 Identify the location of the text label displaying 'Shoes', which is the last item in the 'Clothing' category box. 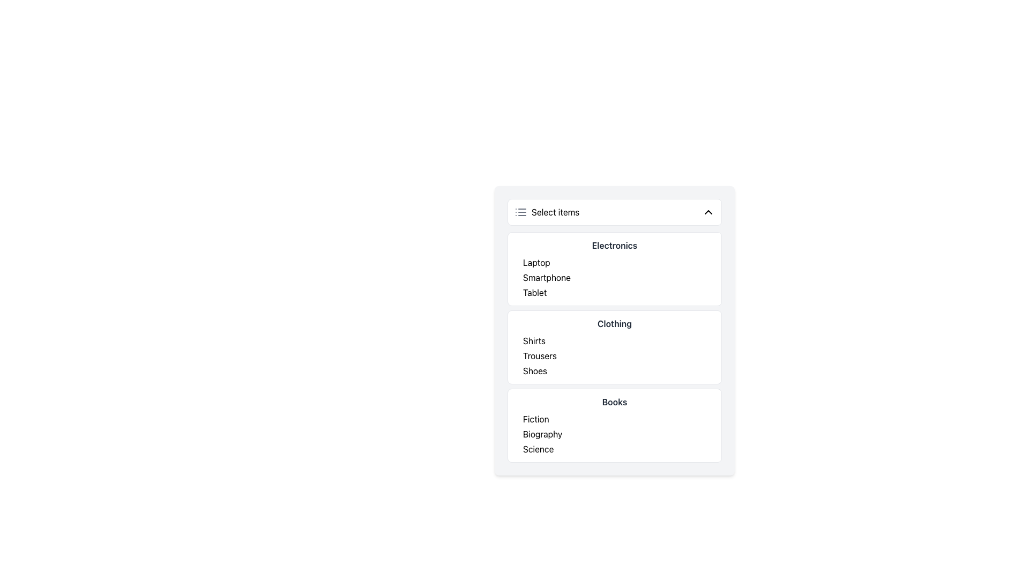
(535, 370).